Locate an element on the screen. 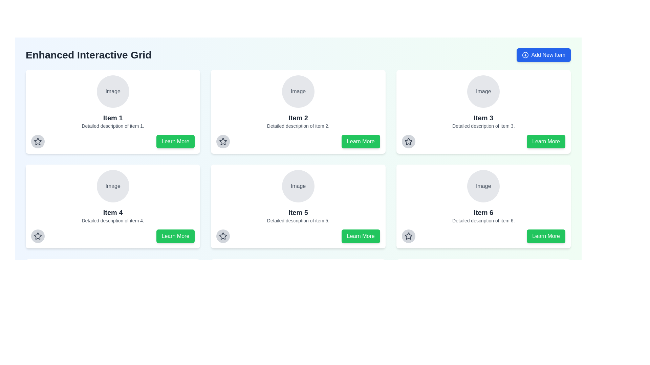  the icon button located at the bottom-left corner of the card labeled 'Item 3' in the second row and third column of the grid is located at coordinates (408, 141).